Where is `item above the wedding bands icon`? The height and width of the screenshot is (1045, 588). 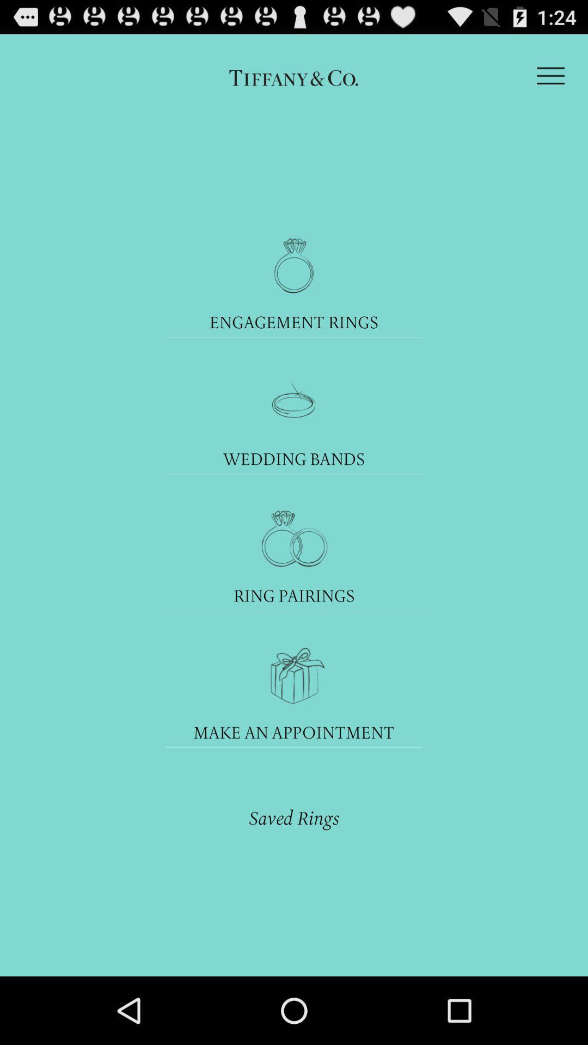 item above the wedding bands icon is located at coordinates (294, 401).